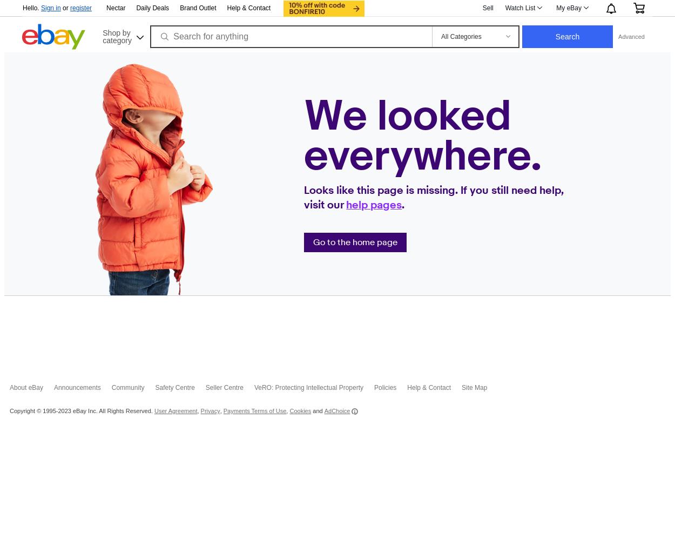 Image resolution: width=675 pixels, height=540 pixels. I want to click on 'VeRO: Protecting Intellectual Property', so click(308, 387).